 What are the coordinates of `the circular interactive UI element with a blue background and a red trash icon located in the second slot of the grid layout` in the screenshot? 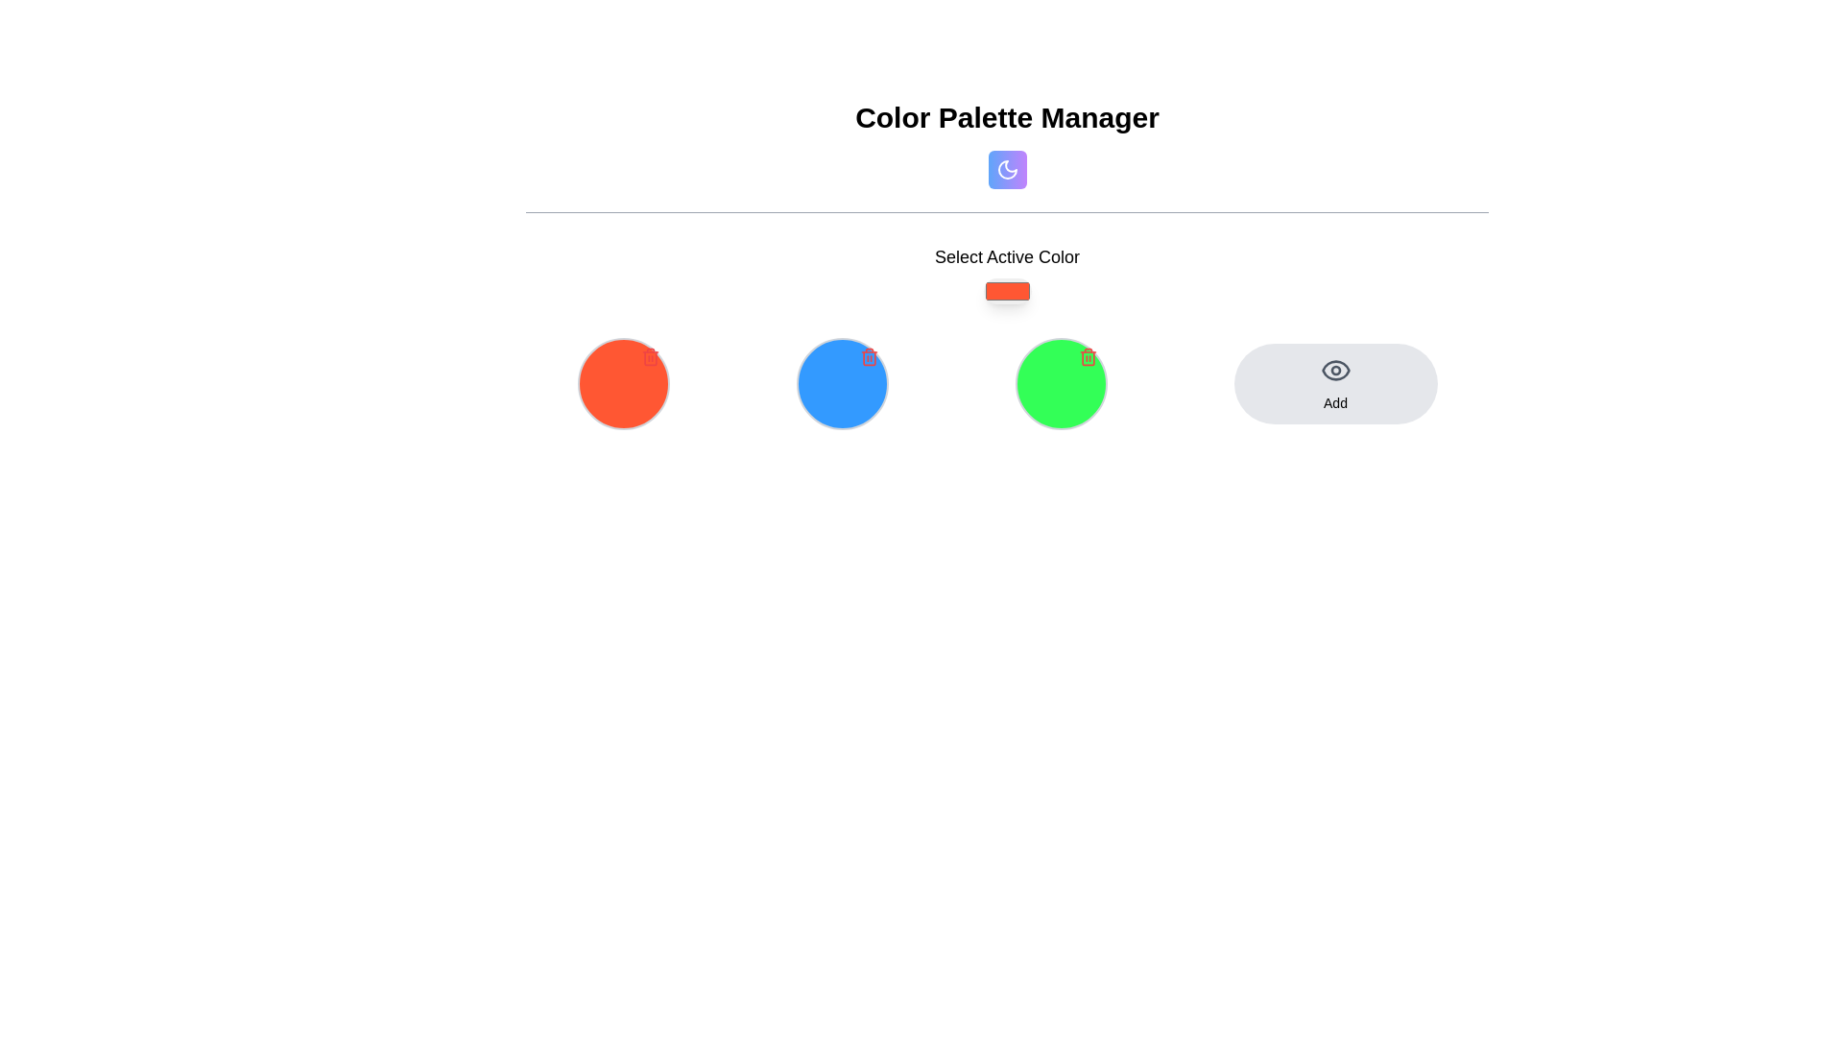 It's located at (842, 384).